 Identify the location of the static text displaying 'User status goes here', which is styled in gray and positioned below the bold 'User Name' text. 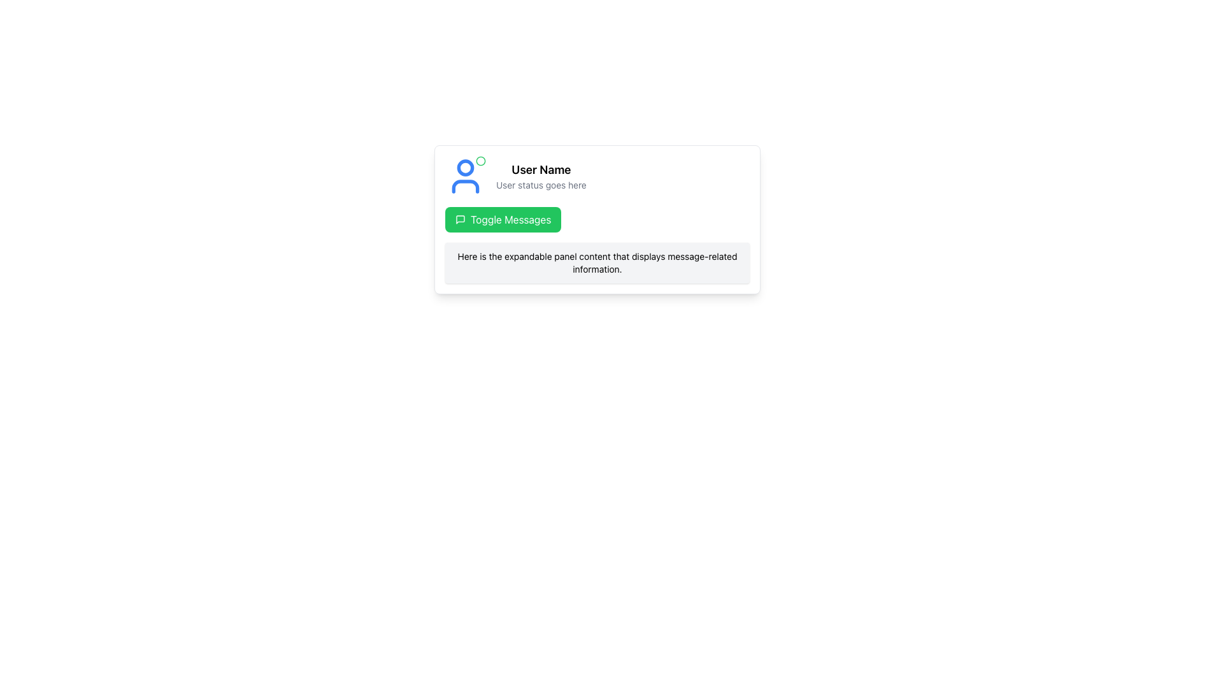
(541, 185).